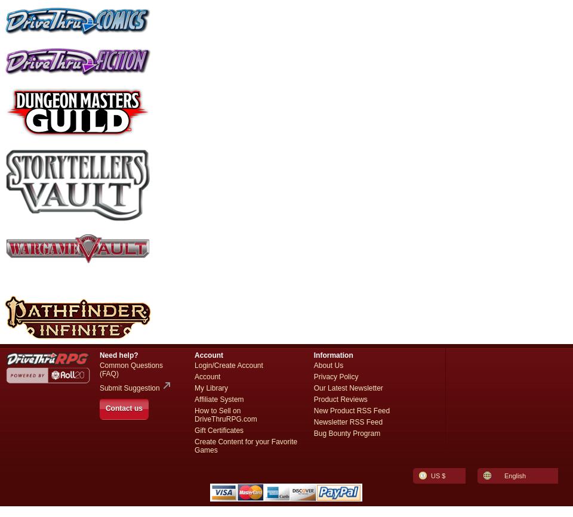 The height and width of the screenshot is (517, 573). Describe the element at coordinates (130, 369) in the screenshot. I see `'Common Questions (FAQ)'` at that location.